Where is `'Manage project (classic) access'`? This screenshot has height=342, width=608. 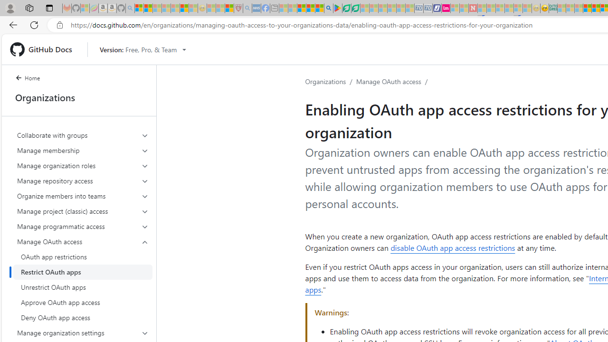
'Manage project (classic) access' is located at coordinates (83, 210).